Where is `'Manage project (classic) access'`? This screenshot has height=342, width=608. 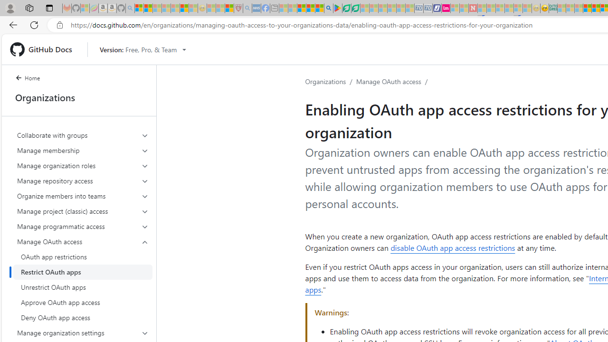
'Manage project (classic) access' is located at coordinates (83, 210).